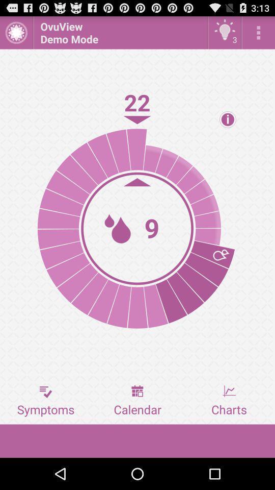 The image size is (275, 490). I want to click on charts, so click(229, 401).